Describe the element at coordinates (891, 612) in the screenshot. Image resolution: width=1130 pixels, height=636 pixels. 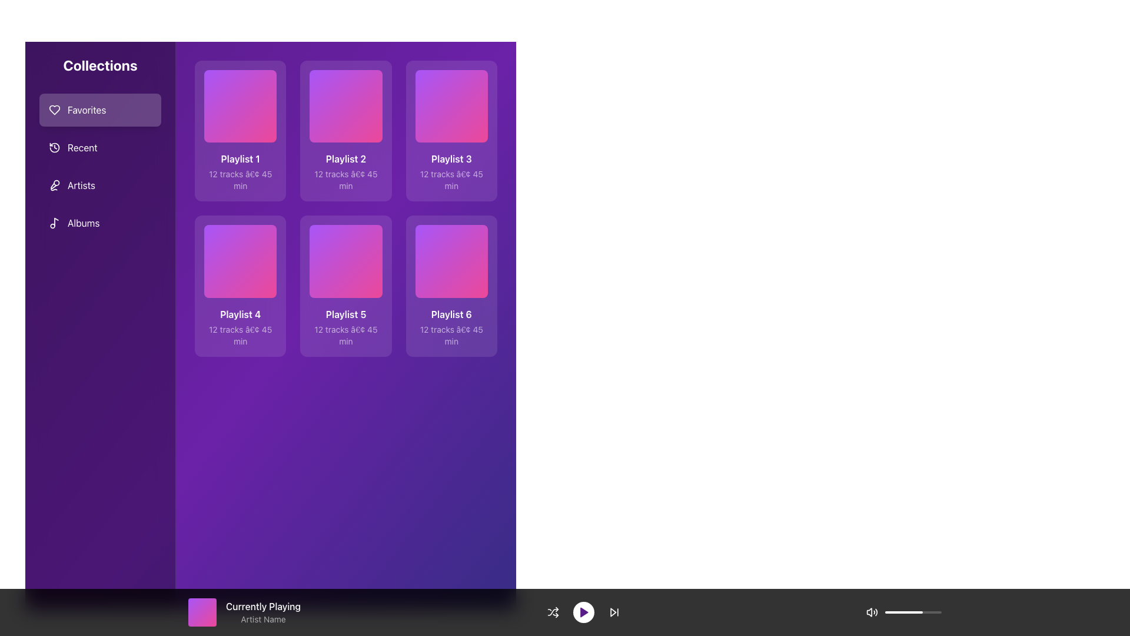
I see `the volume` at that location.